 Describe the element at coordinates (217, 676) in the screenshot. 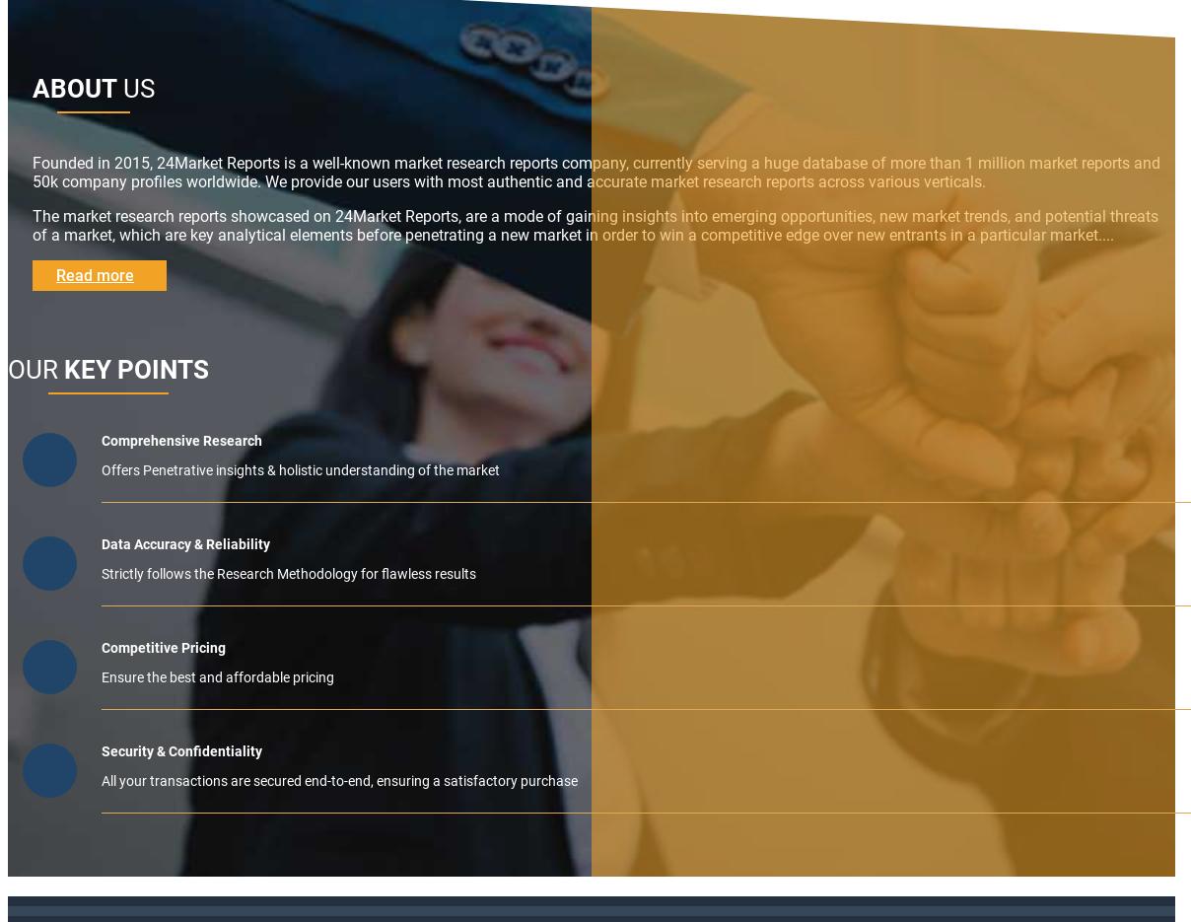

I see `'Ensure the best and affordable pricing'` at that location.